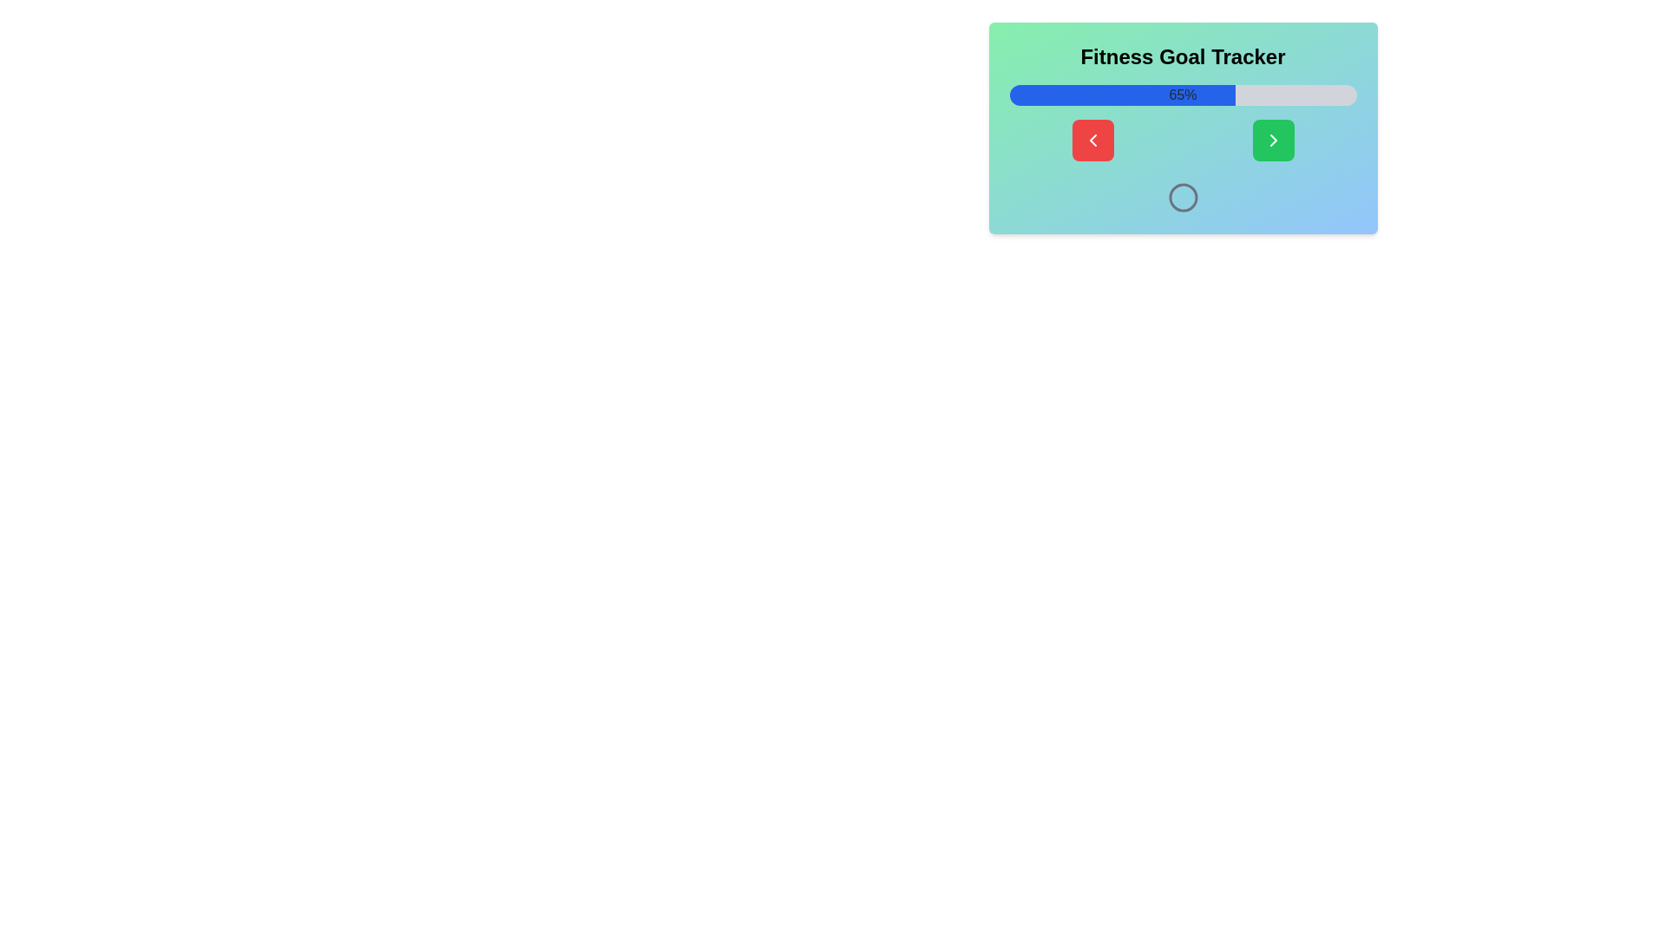 The image size is (1666, 937). I want to click on the left-chevron icon button encased in a rounded red button located in the bottom-left region of the 'Fitness Goal Tracker' panel, so click(1092, 140).